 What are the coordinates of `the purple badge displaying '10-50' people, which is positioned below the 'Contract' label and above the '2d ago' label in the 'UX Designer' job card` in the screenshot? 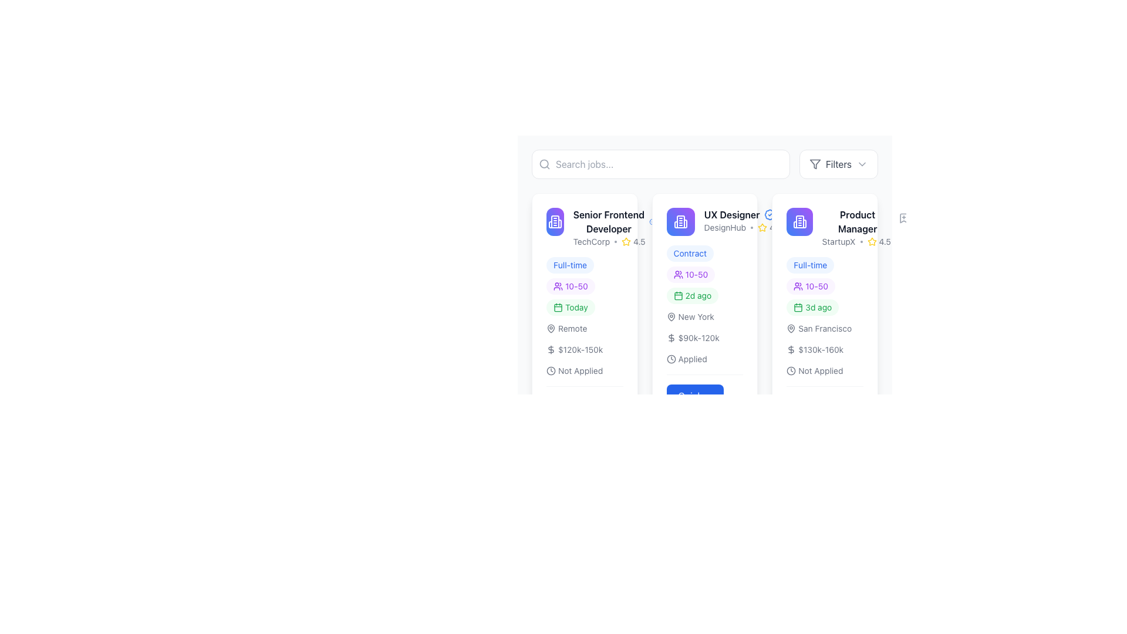 It's located at (704, 274).